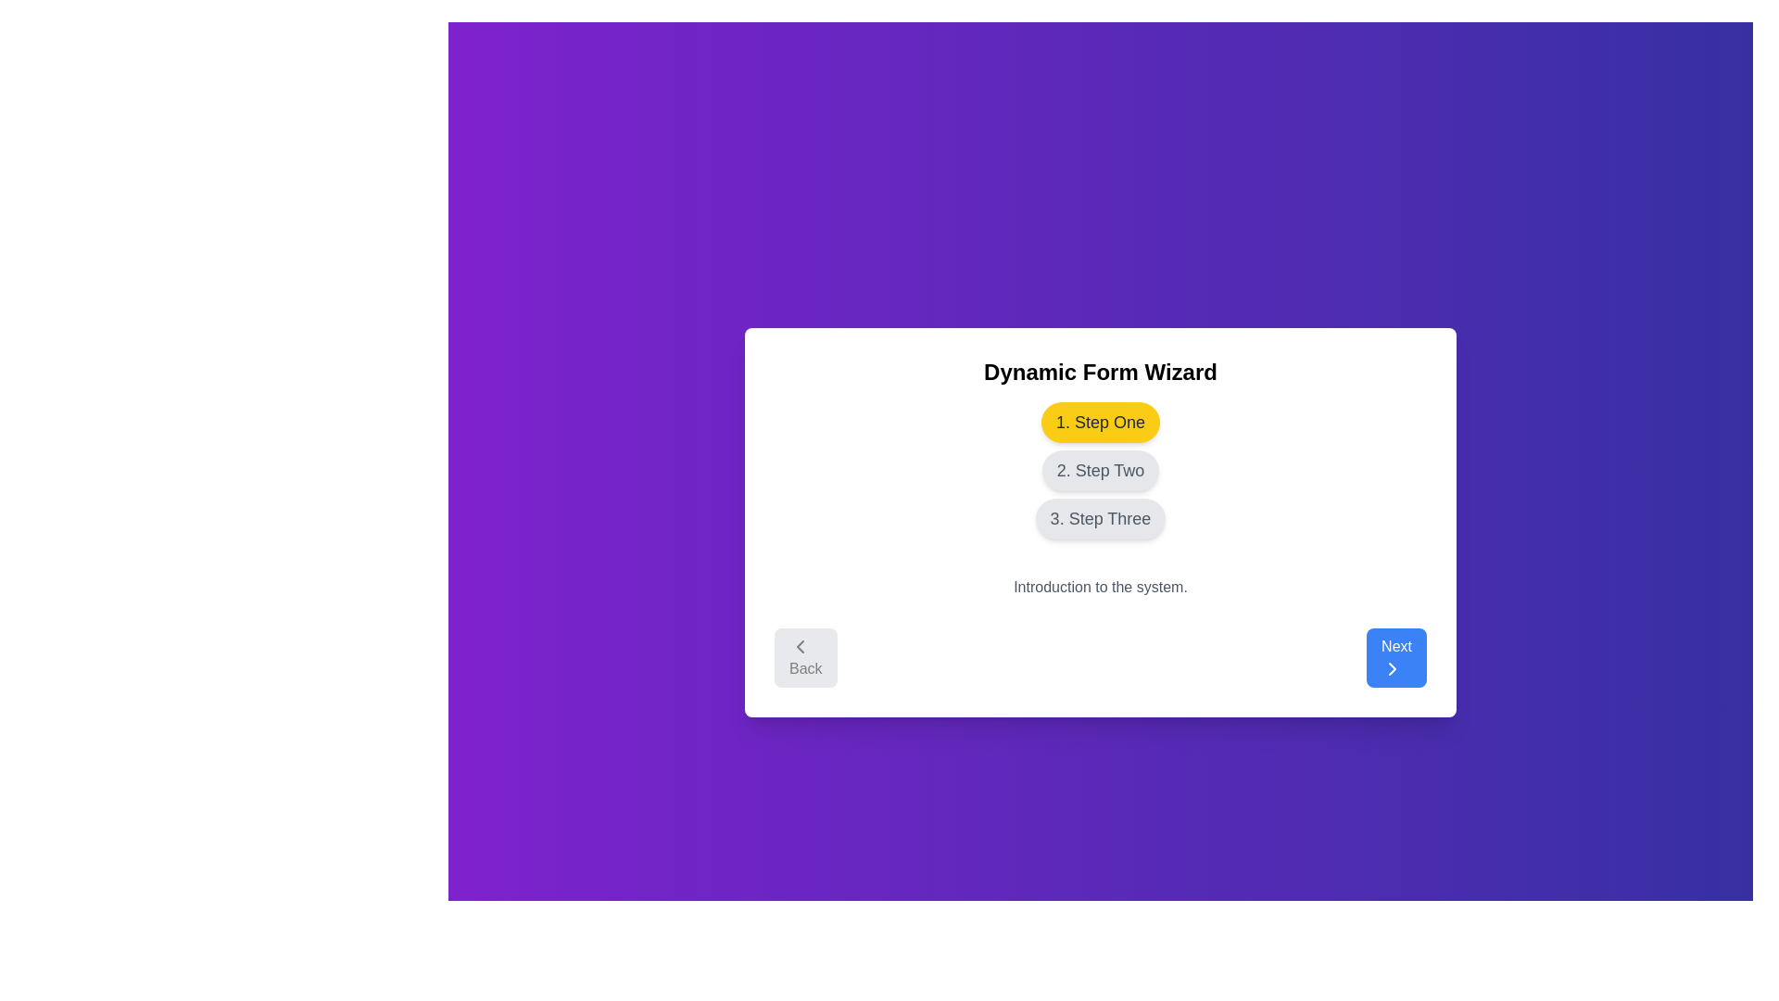  Describe the element at coordinates (805, 656) in the screenshot. I see `the Back button to navigate the steps` at that location.